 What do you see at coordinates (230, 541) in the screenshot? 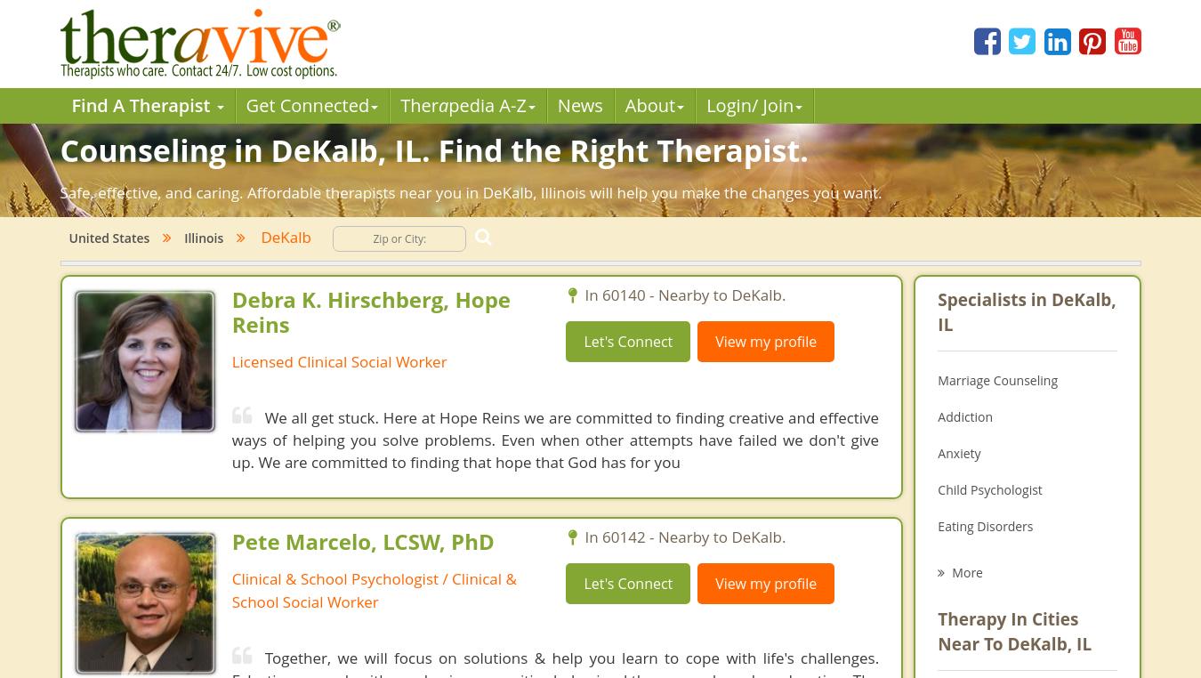
I see `'Pete Marcelo, LCSW, PhD'` at bounding box center [230, 541].